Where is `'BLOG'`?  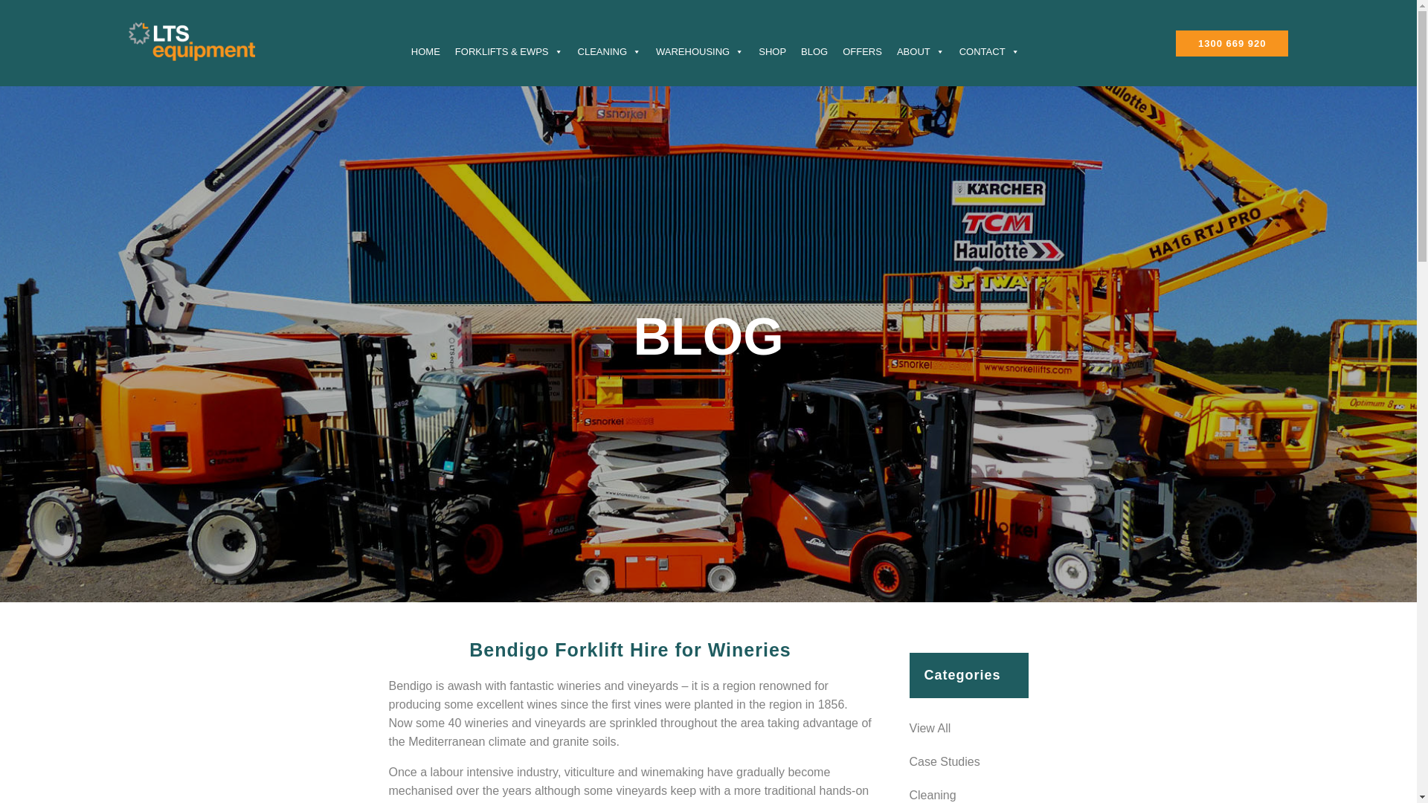 'BLOG' is located at coordinates (813, 51).